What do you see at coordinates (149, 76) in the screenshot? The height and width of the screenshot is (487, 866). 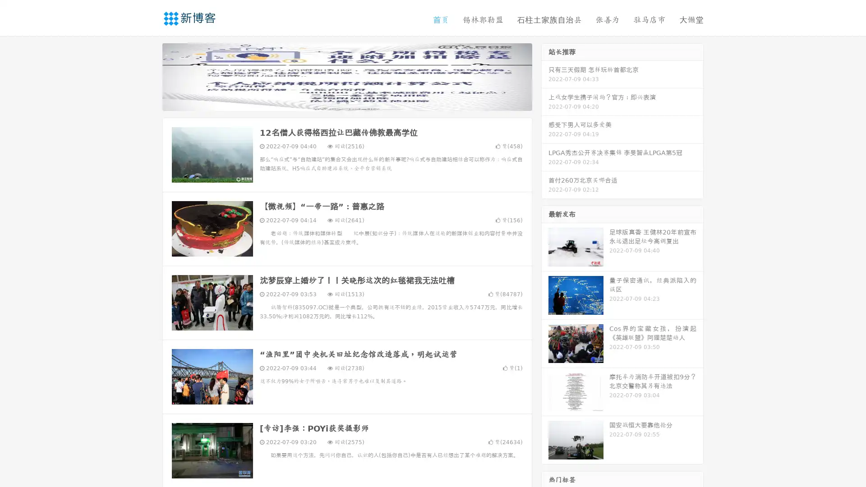 I see `Previous slide` at bounding box center [149, 76].